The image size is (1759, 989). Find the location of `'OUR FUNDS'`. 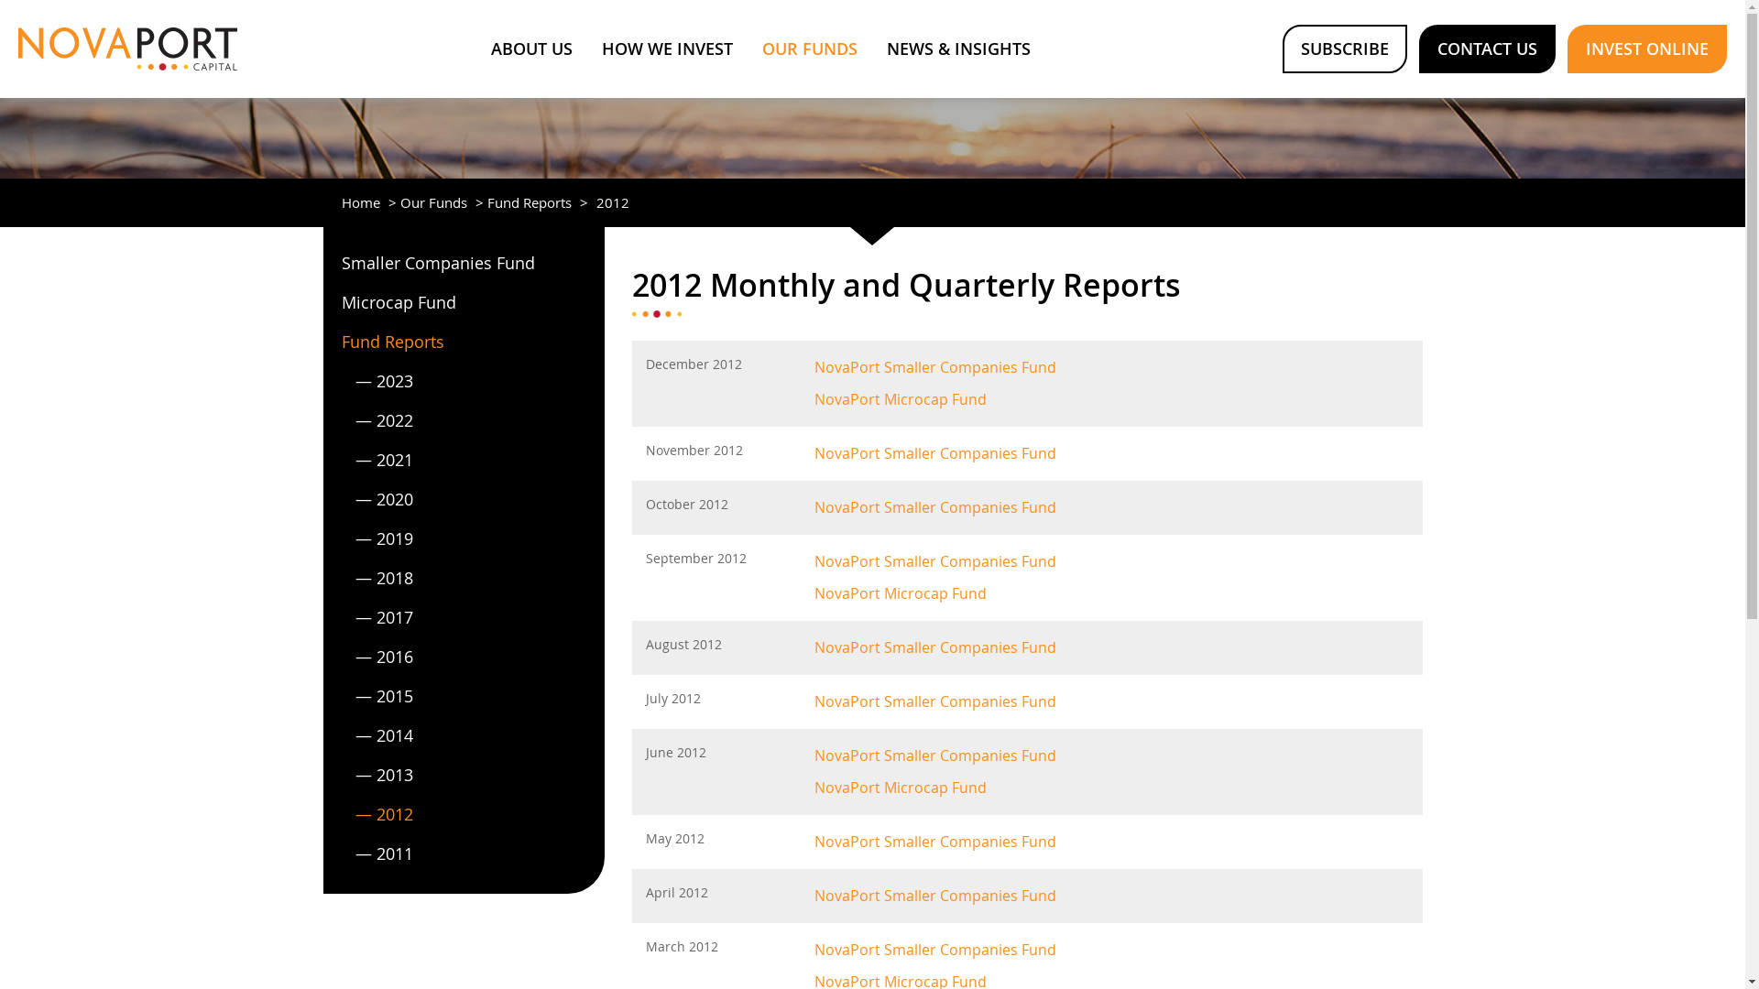

'OUR FUNDS' is located at coordinates (808, 48).